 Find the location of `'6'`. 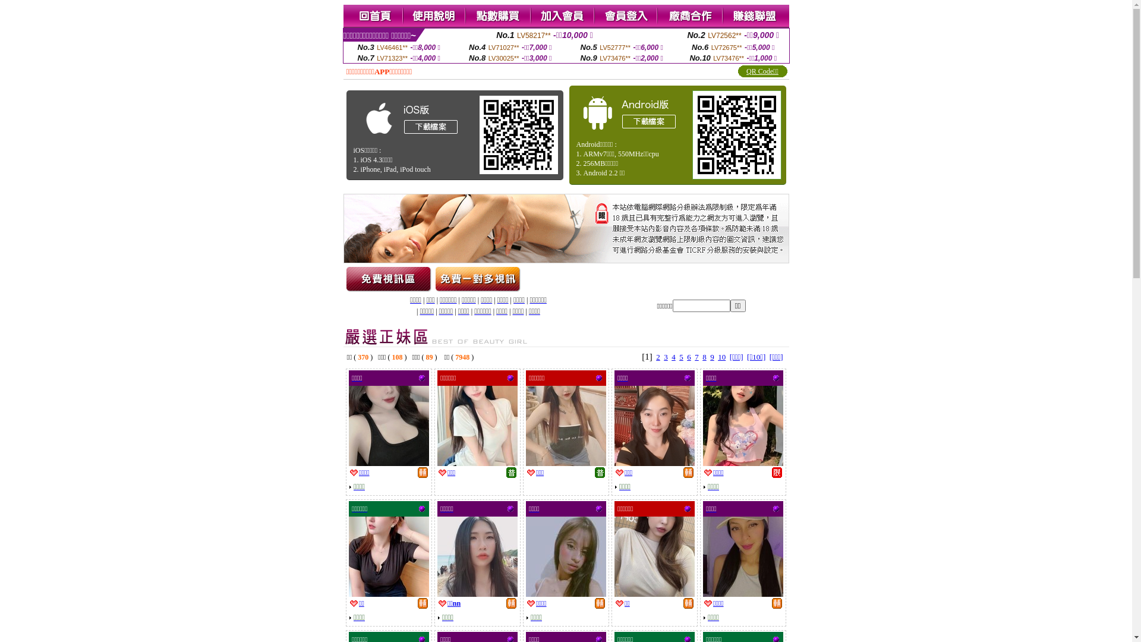

'6' is located at coordinates (689, 356).